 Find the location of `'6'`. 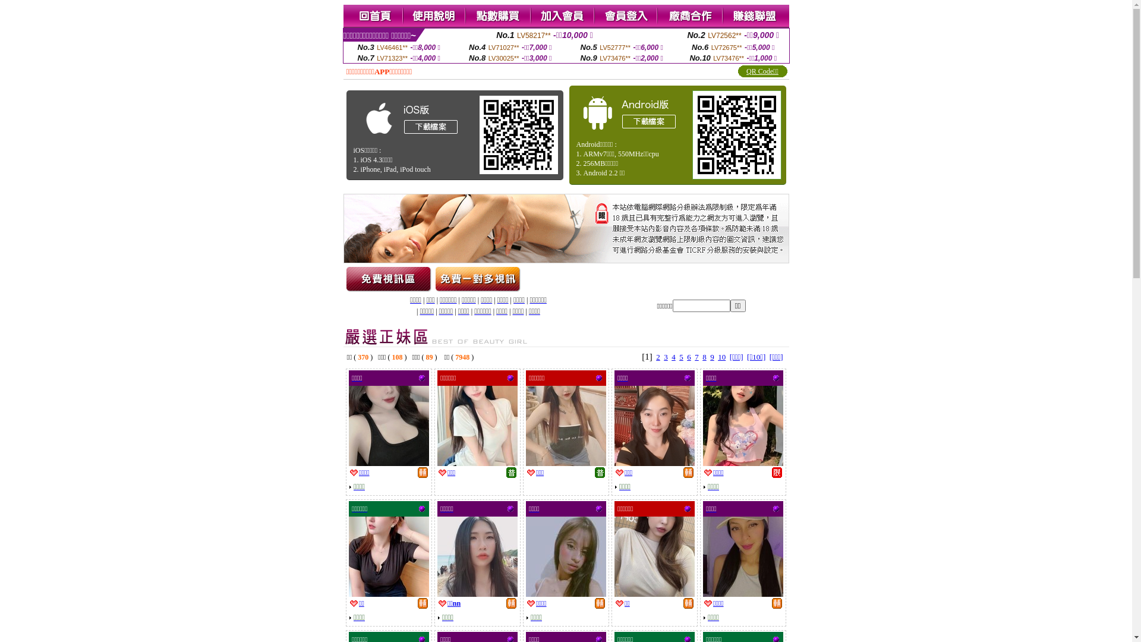

'6' is located at coordinates (689, 356).